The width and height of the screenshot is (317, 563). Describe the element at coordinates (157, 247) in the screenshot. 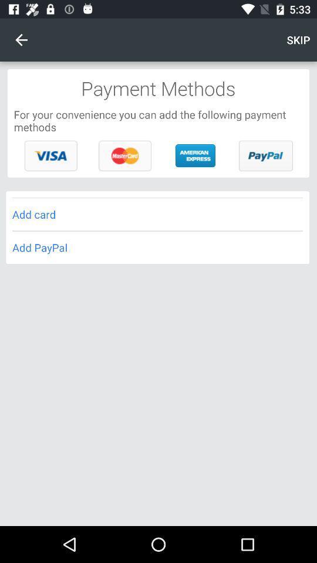

I see `the item below add card` at that location.